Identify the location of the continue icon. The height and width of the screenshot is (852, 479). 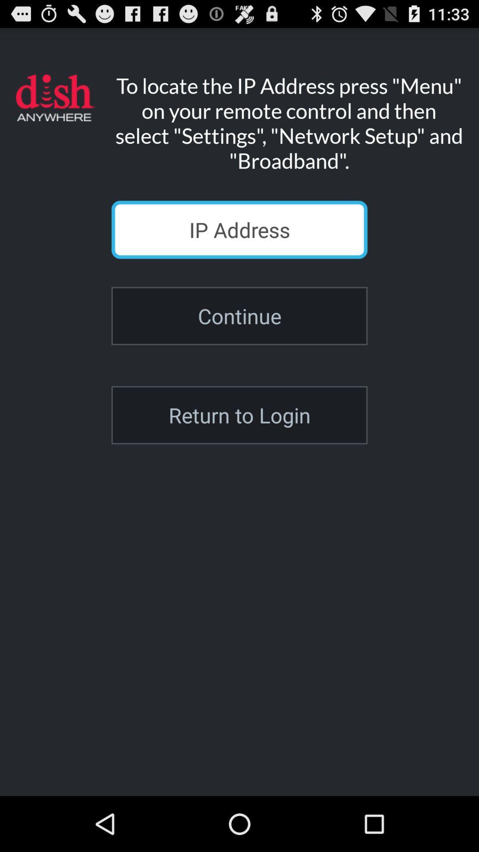
(239, 316).